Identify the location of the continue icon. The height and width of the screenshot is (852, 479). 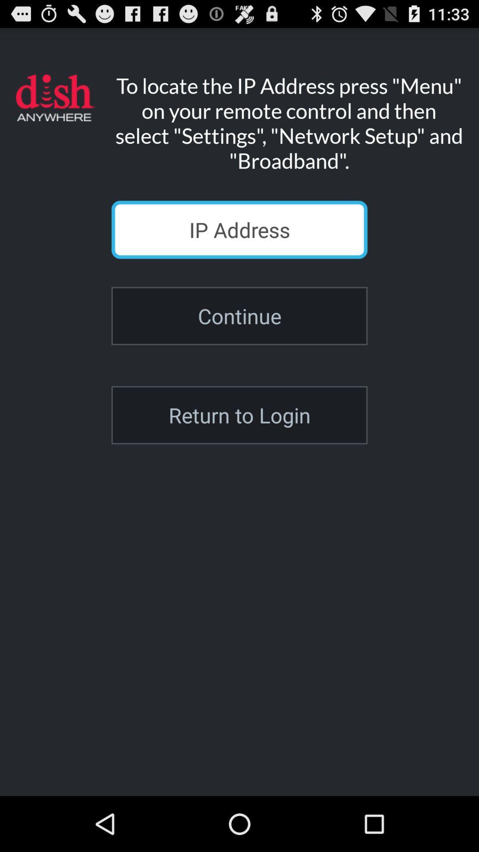
(239, 316).